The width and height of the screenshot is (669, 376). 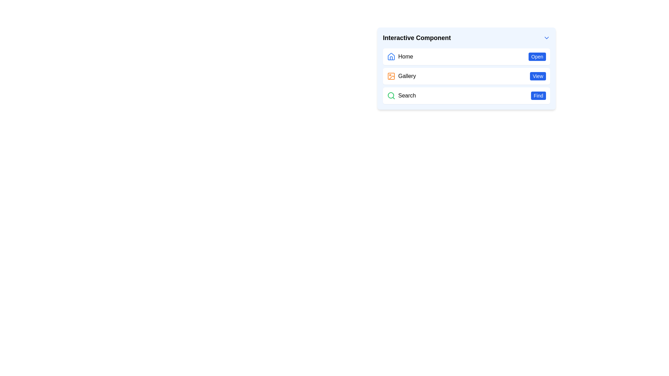 I want to click on the 'Home' button located at the far right of the top row in the vertical list, so click(x=537, y=56).